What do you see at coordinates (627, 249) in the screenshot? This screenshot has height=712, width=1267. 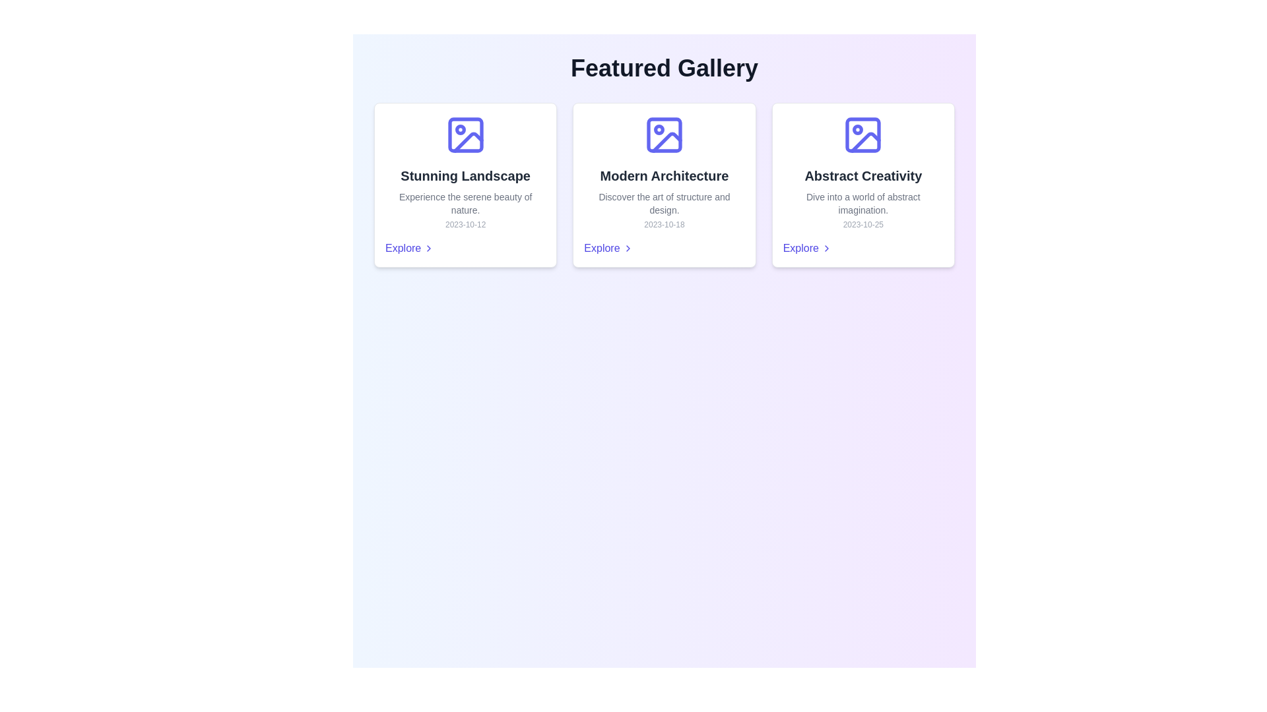 I see `the rightward-pointing chevron icon next to the 'Explore' text` at bounding box center [627, 249].